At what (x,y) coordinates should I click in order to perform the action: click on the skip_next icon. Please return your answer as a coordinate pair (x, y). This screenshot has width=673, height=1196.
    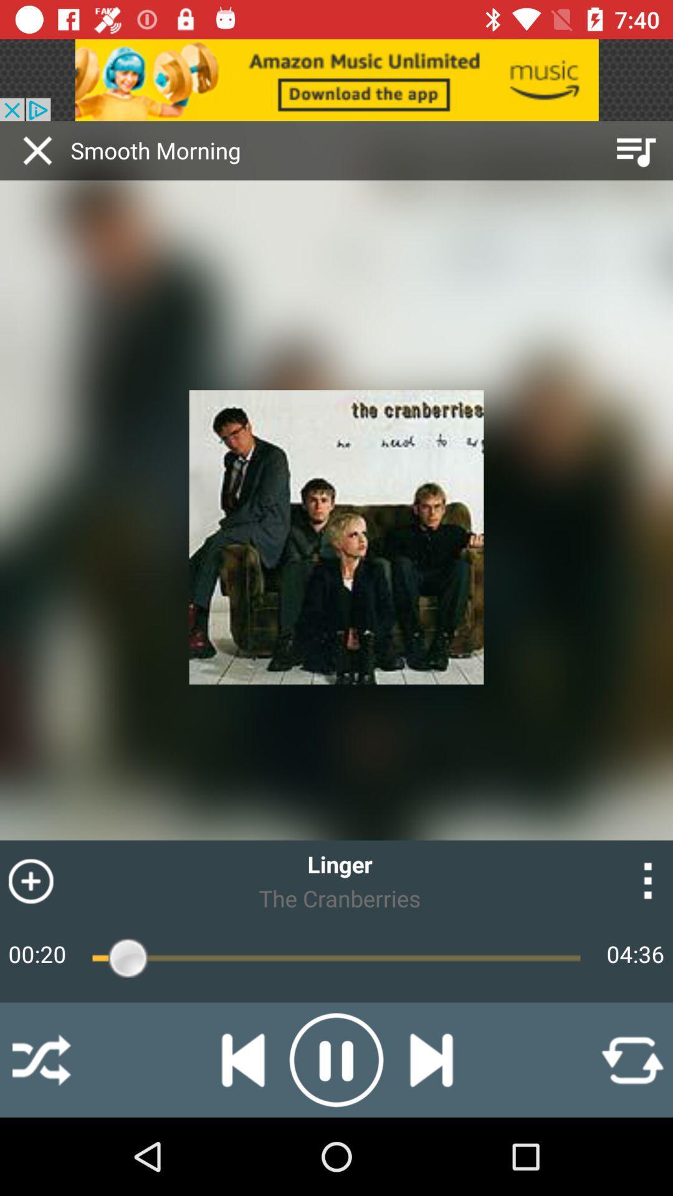
    Looking at the image, I should click on (430, 1059).